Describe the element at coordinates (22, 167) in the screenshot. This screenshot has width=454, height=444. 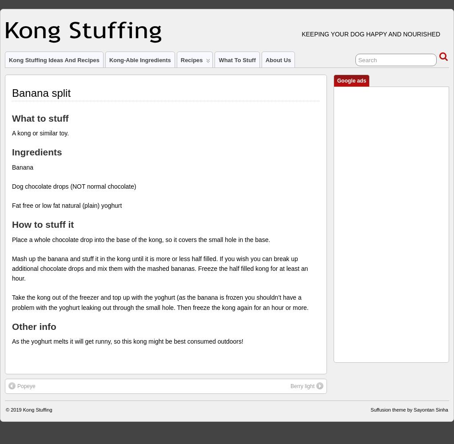
I see `'Banana'` at that location.